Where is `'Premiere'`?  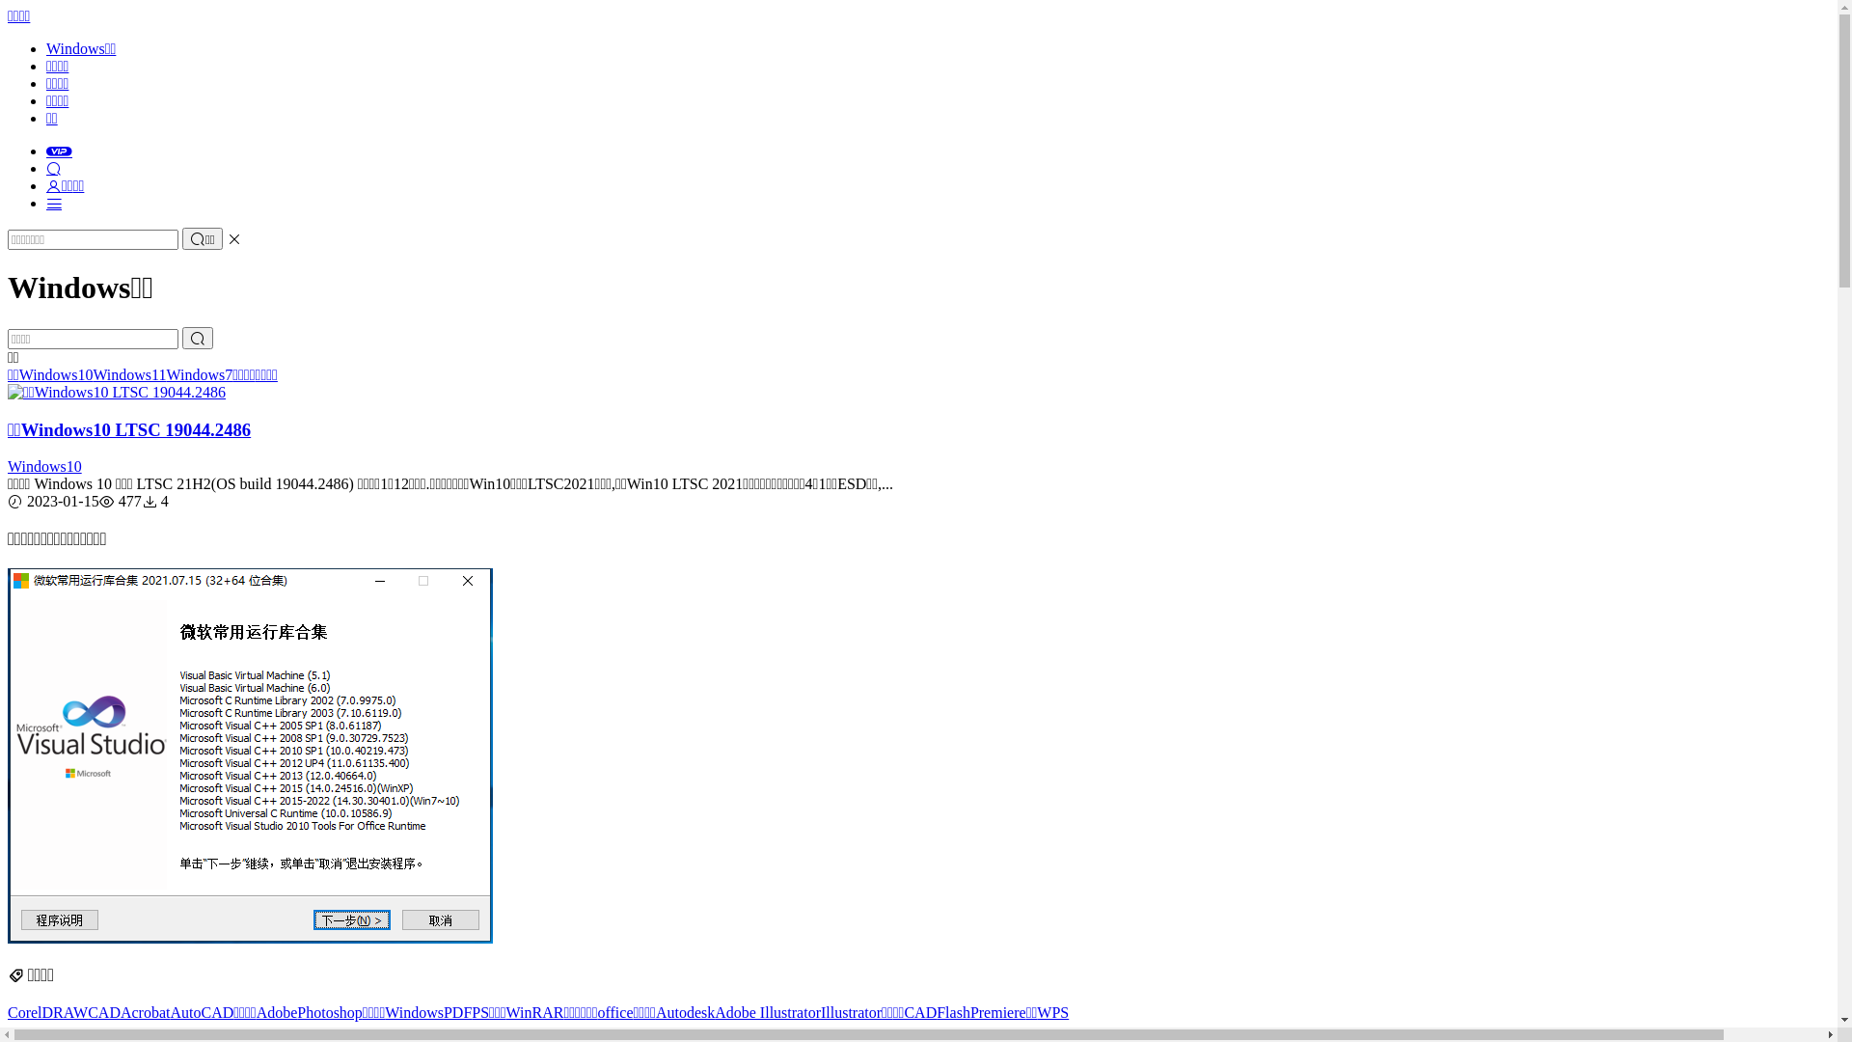
'Premiere' is located at coordinates (998, 1011).